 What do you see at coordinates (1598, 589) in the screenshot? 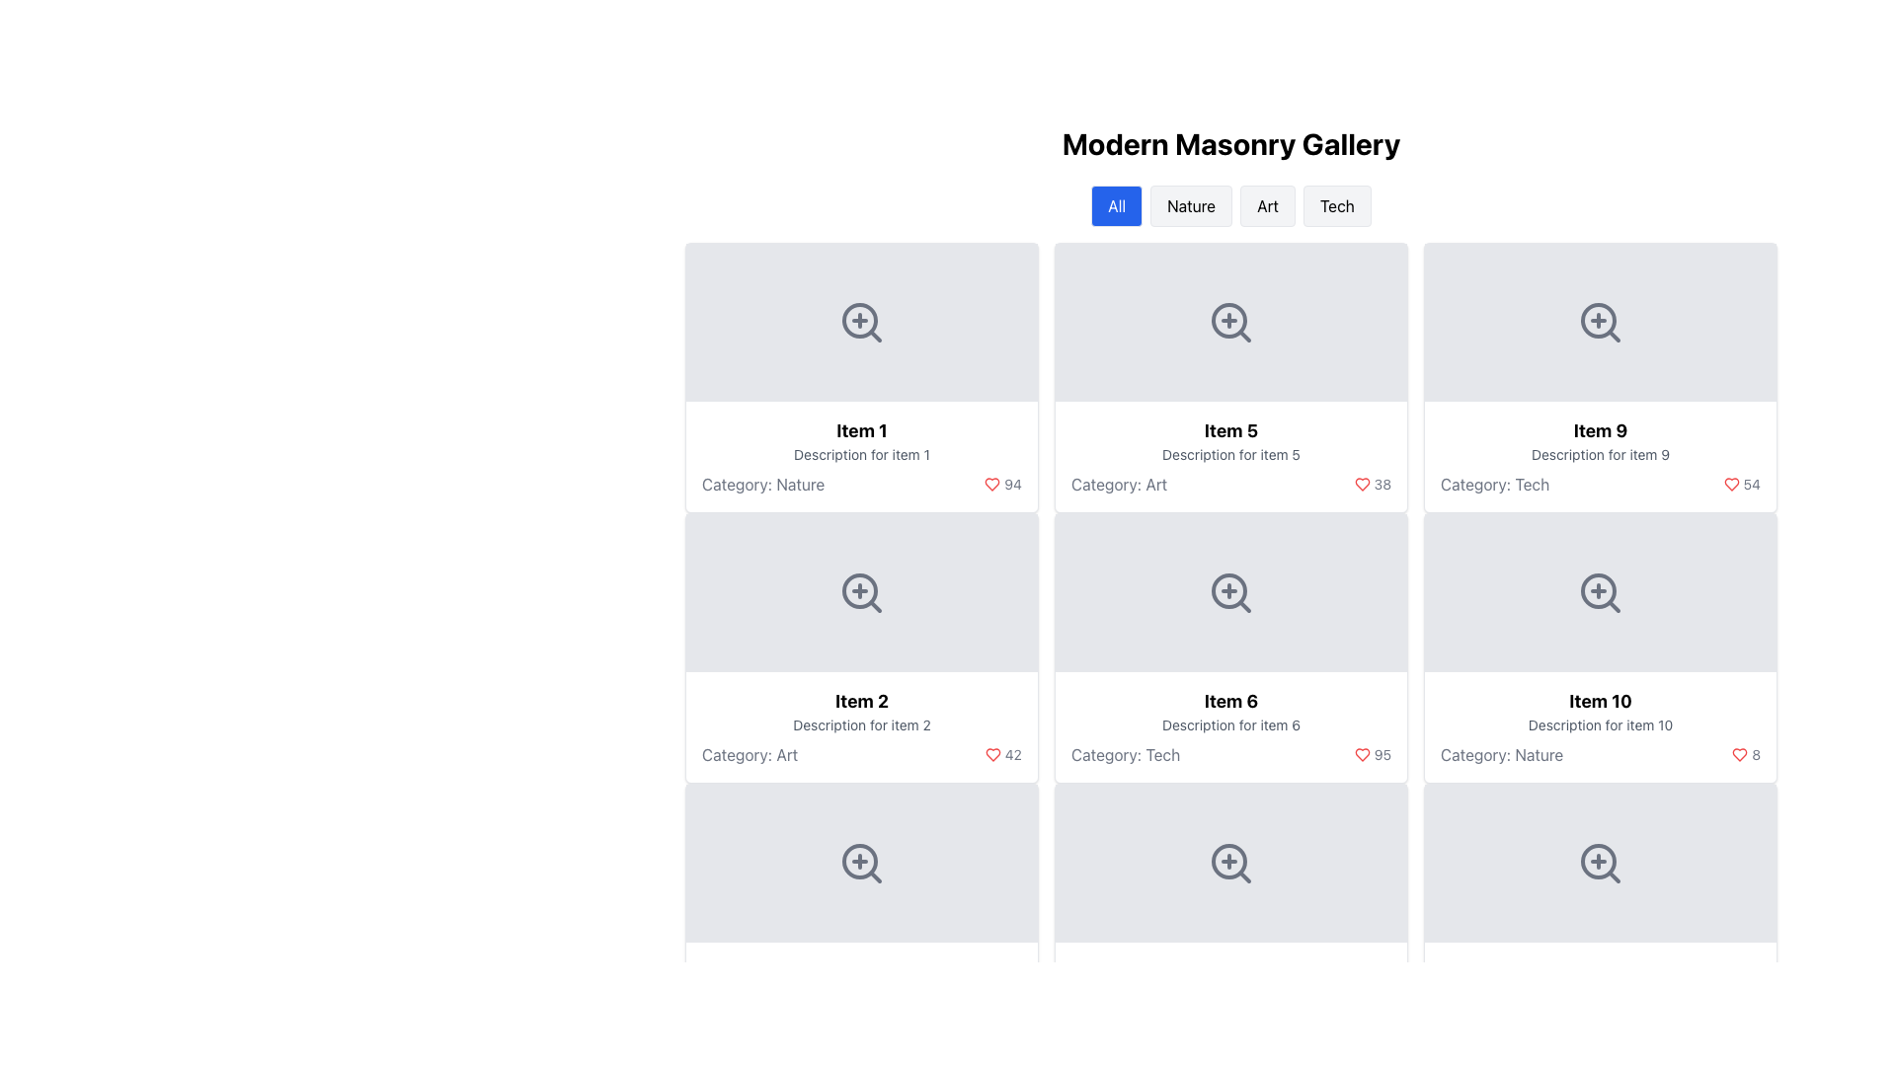
I see `the circular zoom icon located in the ninth card of the grid layout` at bounding box center [1598, 589].